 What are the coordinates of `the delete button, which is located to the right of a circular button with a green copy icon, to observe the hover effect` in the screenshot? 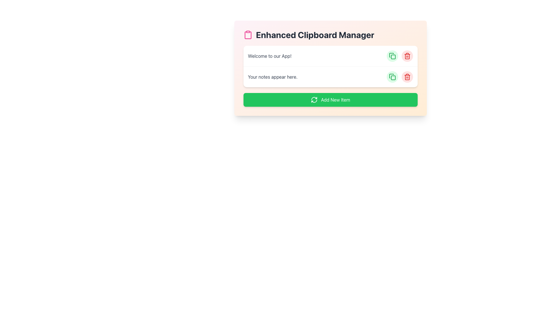 It's located at (407, 56).